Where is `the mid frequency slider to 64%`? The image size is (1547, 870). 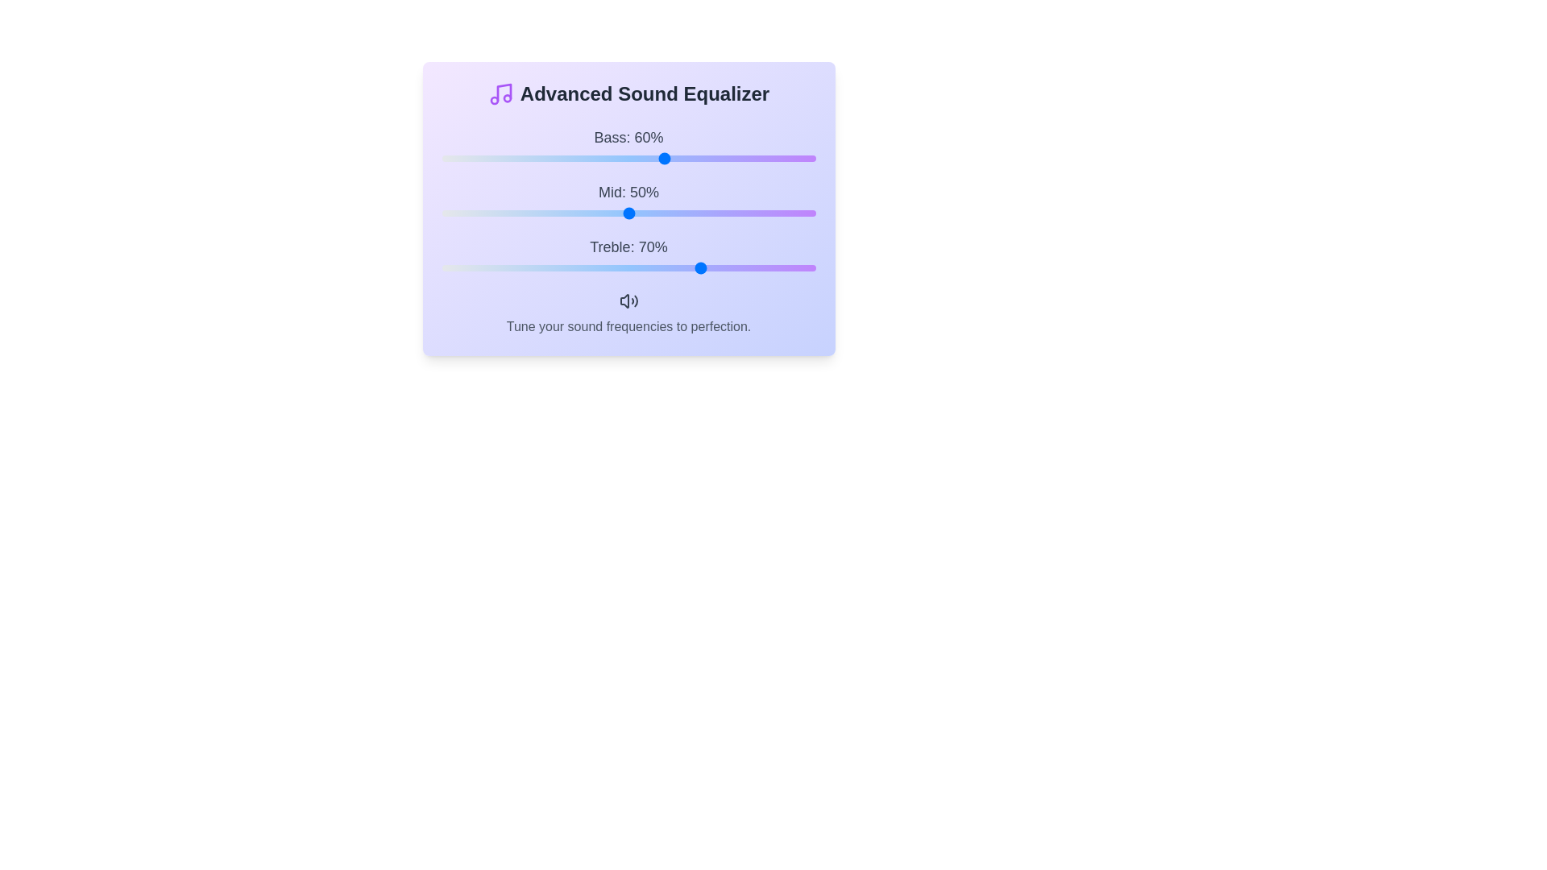 the mid frequency slider to 64% is located at coordinates (681, 213).